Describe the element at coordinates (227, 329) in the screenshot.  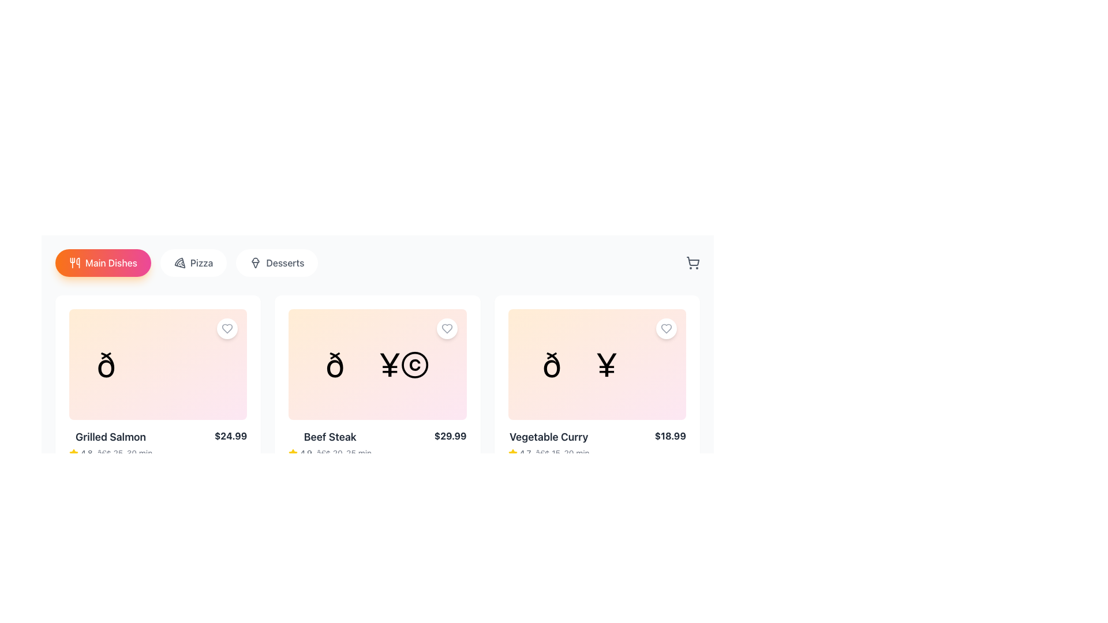
I see `the circular button with a white background and a gray outlined heart icon to favorite/unfavorite the item` at that location.